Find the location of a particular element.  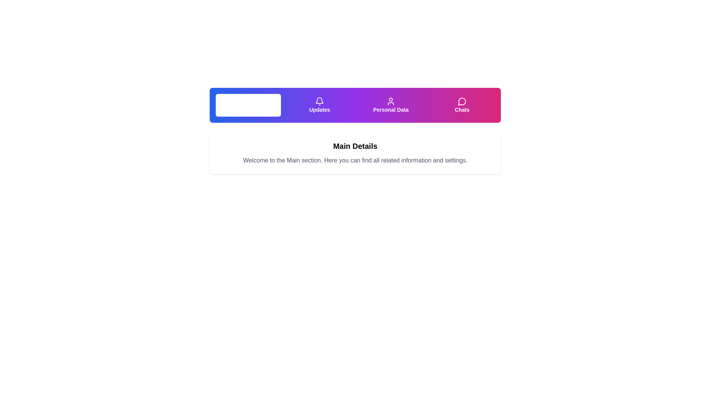

the third button in a row of four, positioned between 'Updates' and 'Chats', to trigger visual feedback is located at coordinates (391, 105).